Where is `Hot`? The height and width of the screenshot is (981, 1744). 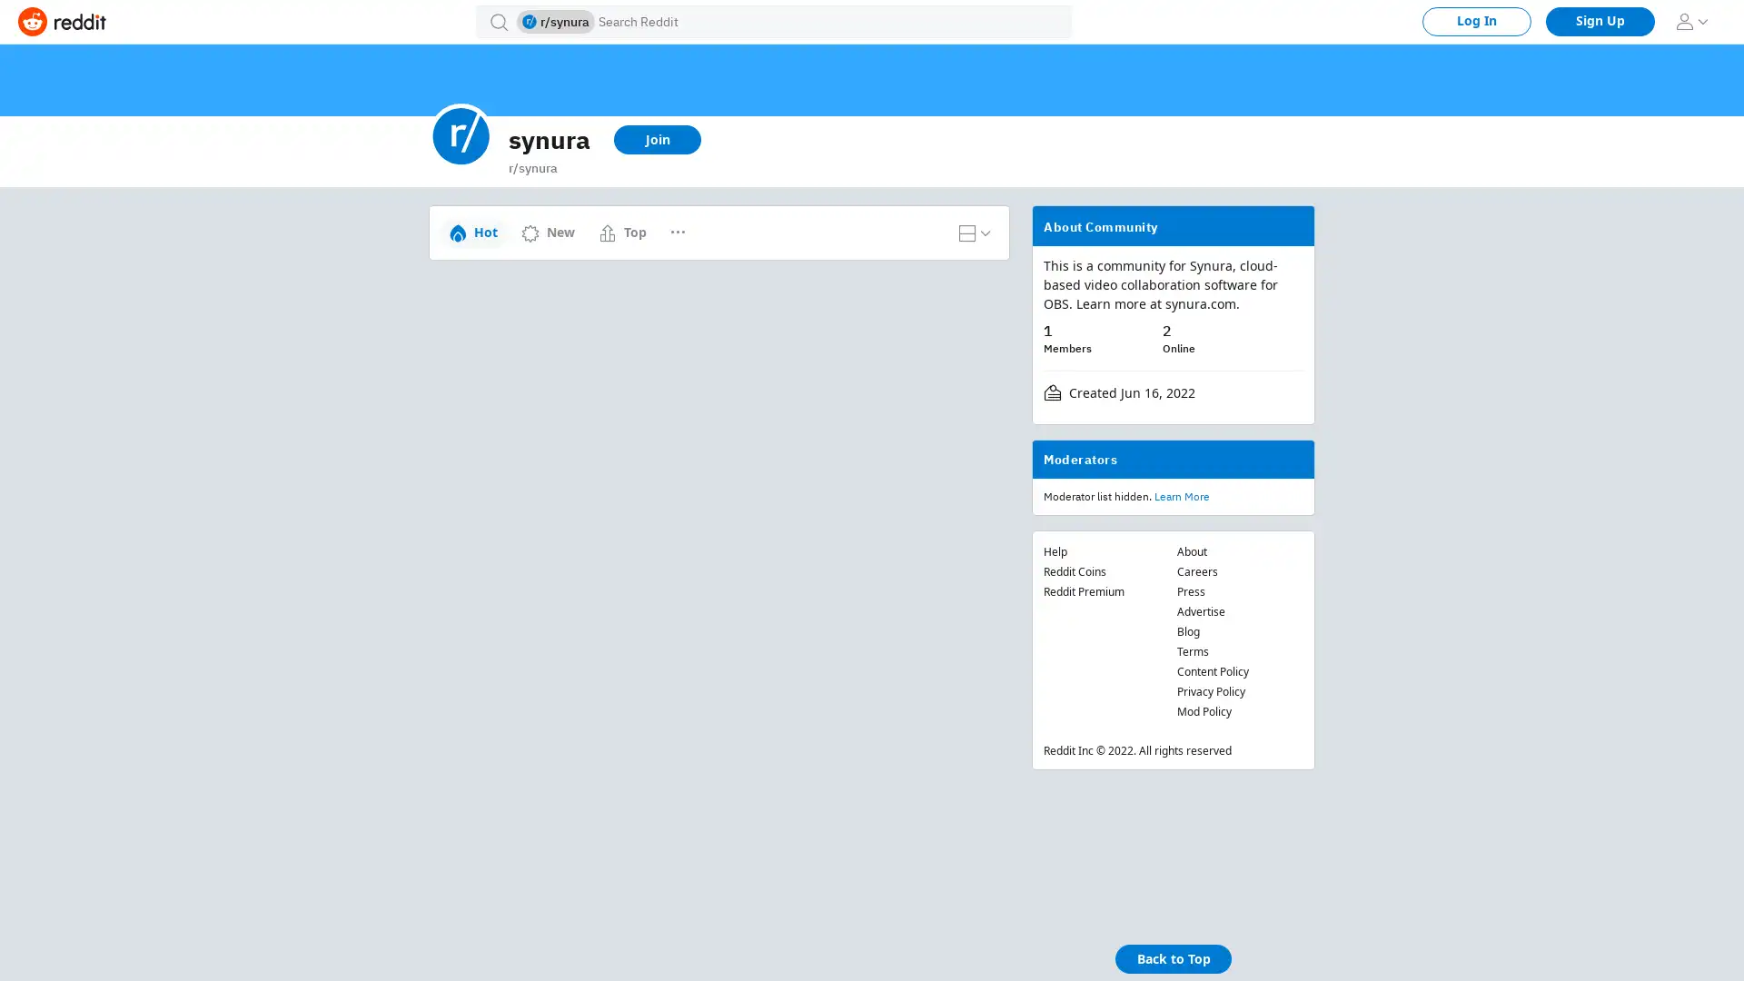 Hot is located at coordinates (473, 231).